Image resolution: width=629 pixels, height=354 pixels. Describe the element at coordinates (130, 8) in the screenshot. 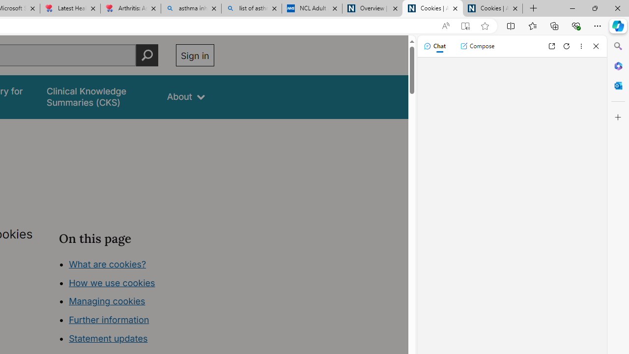

I see `'Arthritis: Ask Health Professionals'` at that location.